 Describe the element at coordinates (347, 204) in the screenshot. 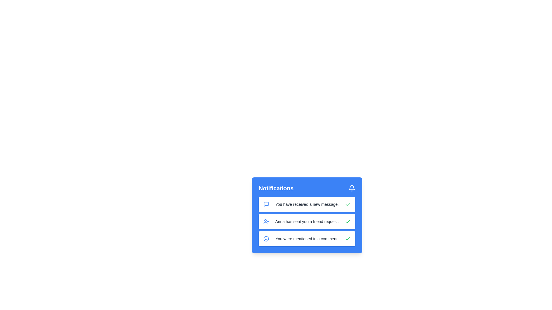

I see `the checkmark button for the notification labeled 'You have received a new message.'` at that location.